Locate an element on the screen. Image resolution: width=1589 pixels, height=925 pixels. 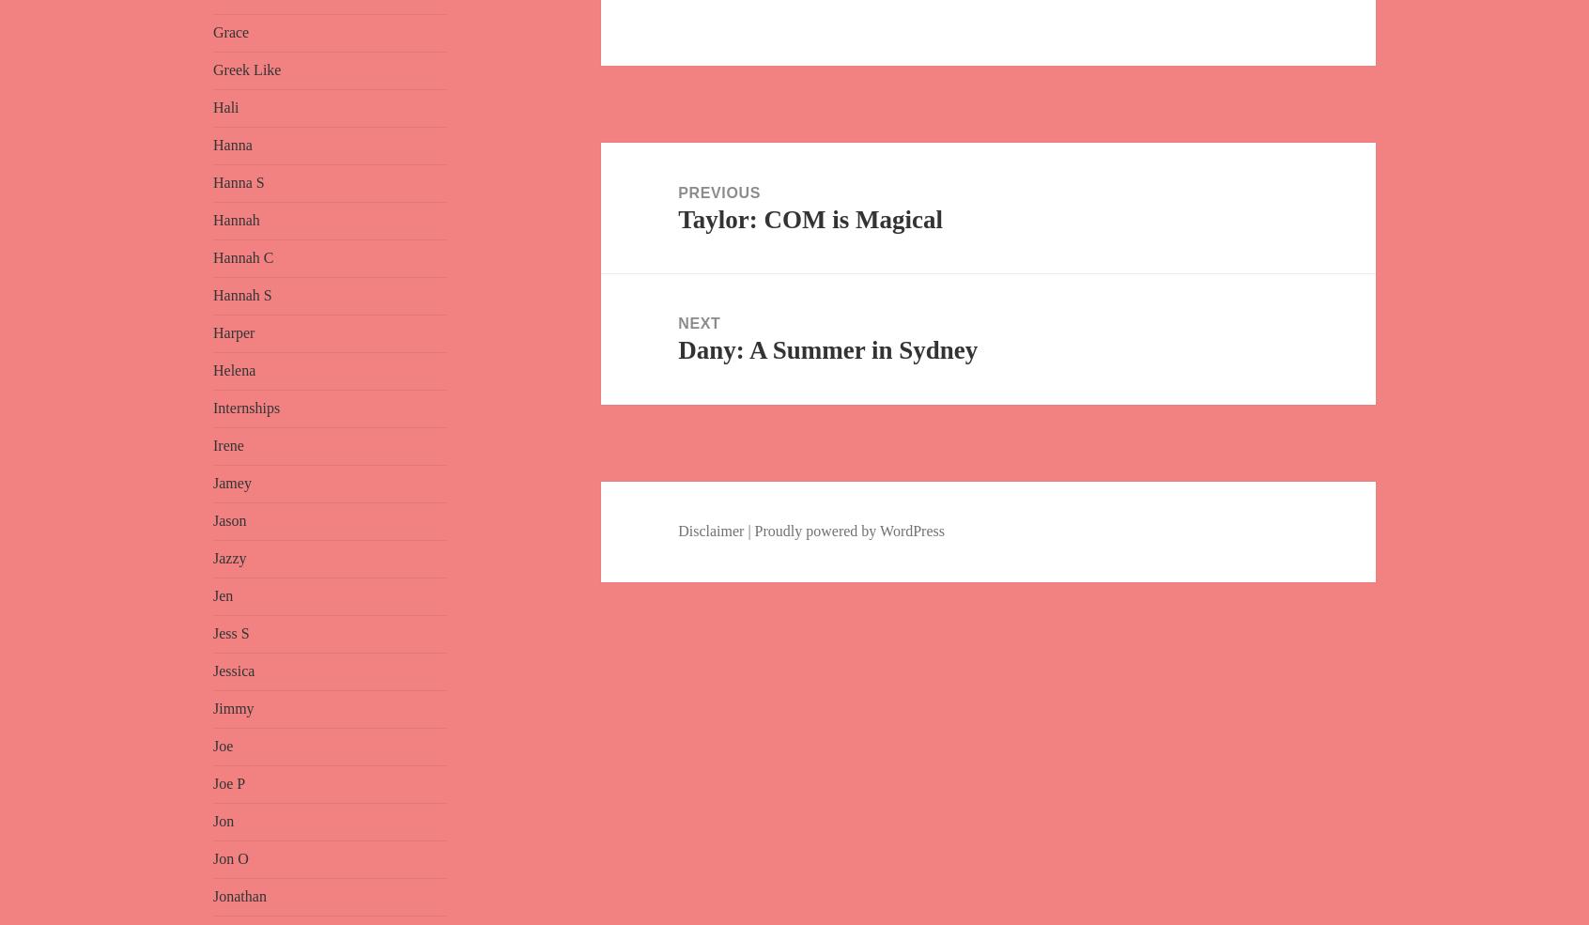
'Jess S' is located at coordinates (231, 632).